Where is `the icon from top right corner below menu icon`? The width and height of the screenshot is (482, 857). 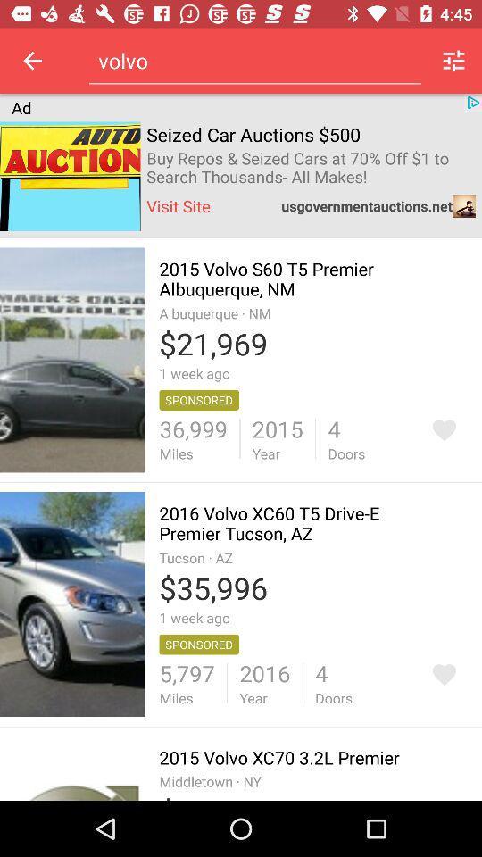 the icon from top right corner below menu icon is located at coordinates (473, 103).